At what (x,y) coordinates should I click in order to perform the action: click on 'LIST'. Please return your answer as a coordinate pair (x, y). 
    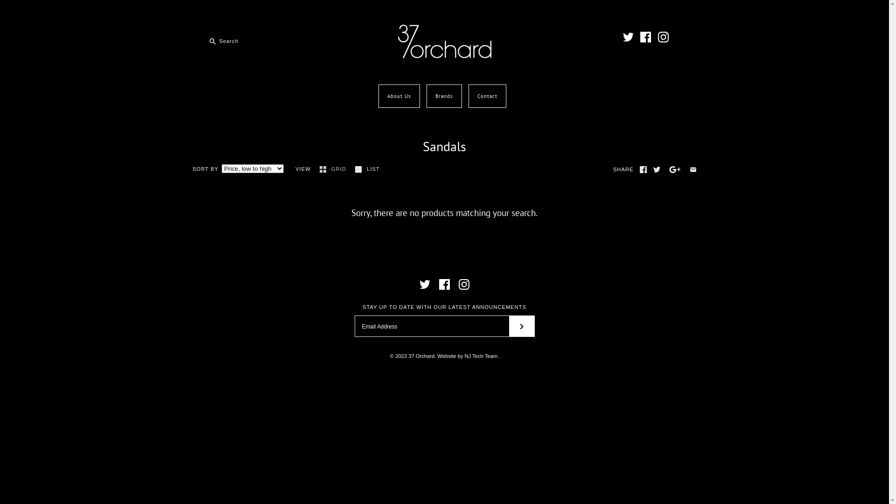
    Looking at the image, I should click on (367, 169).